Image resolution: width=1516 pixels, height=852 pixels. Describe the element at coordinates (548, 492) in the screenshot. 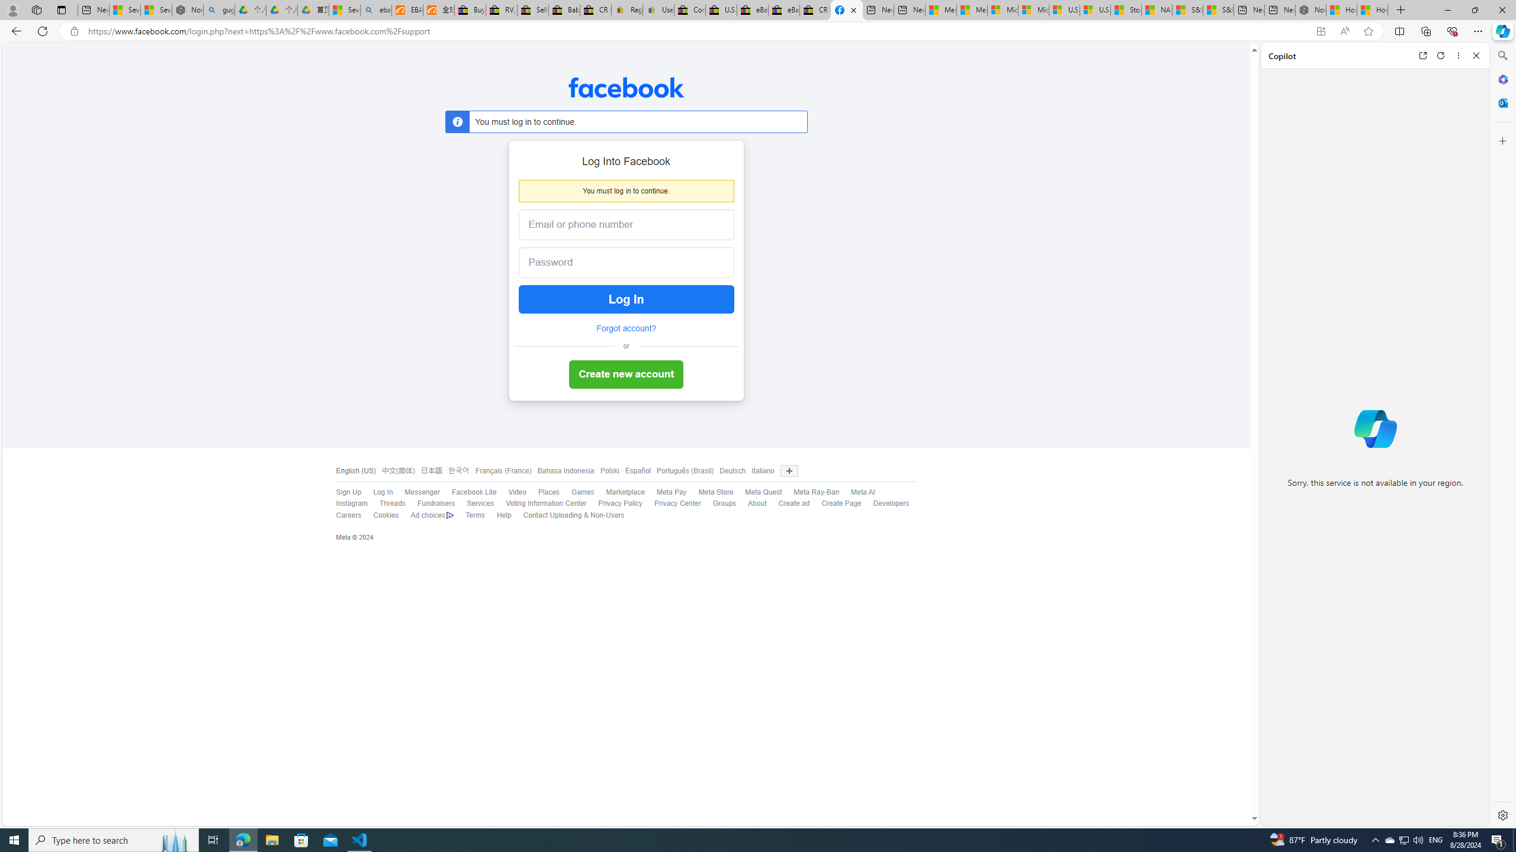

I see `'Places'` at that location.